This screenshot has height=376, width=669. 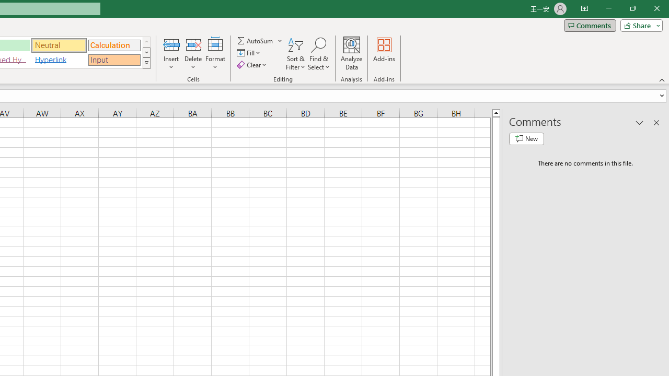 I want to click on 'Analyze Data', so click(x=352, y=54).